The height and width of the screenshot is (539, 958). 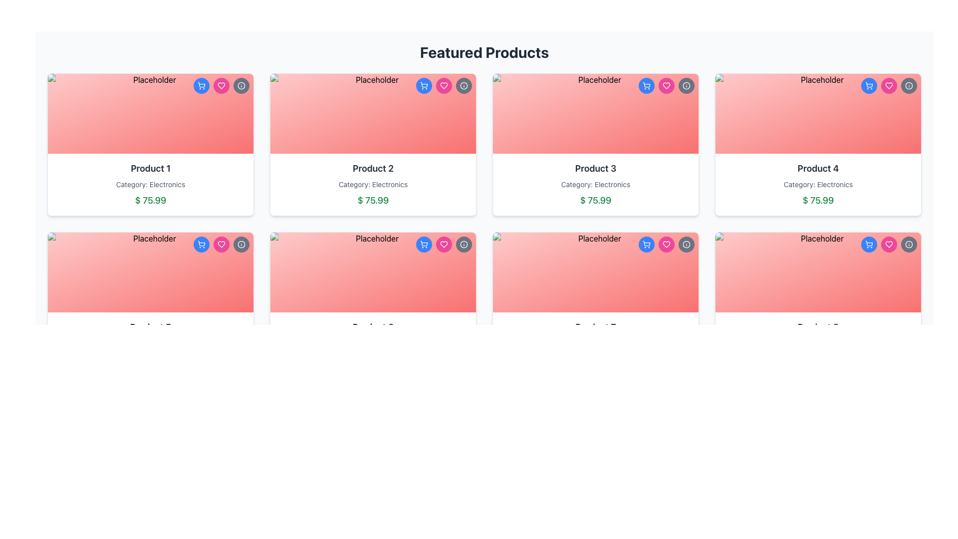 I want to click on the text label displaying the product name in the fourth column of the first row of the grid layout, so click(x=818, y=168).